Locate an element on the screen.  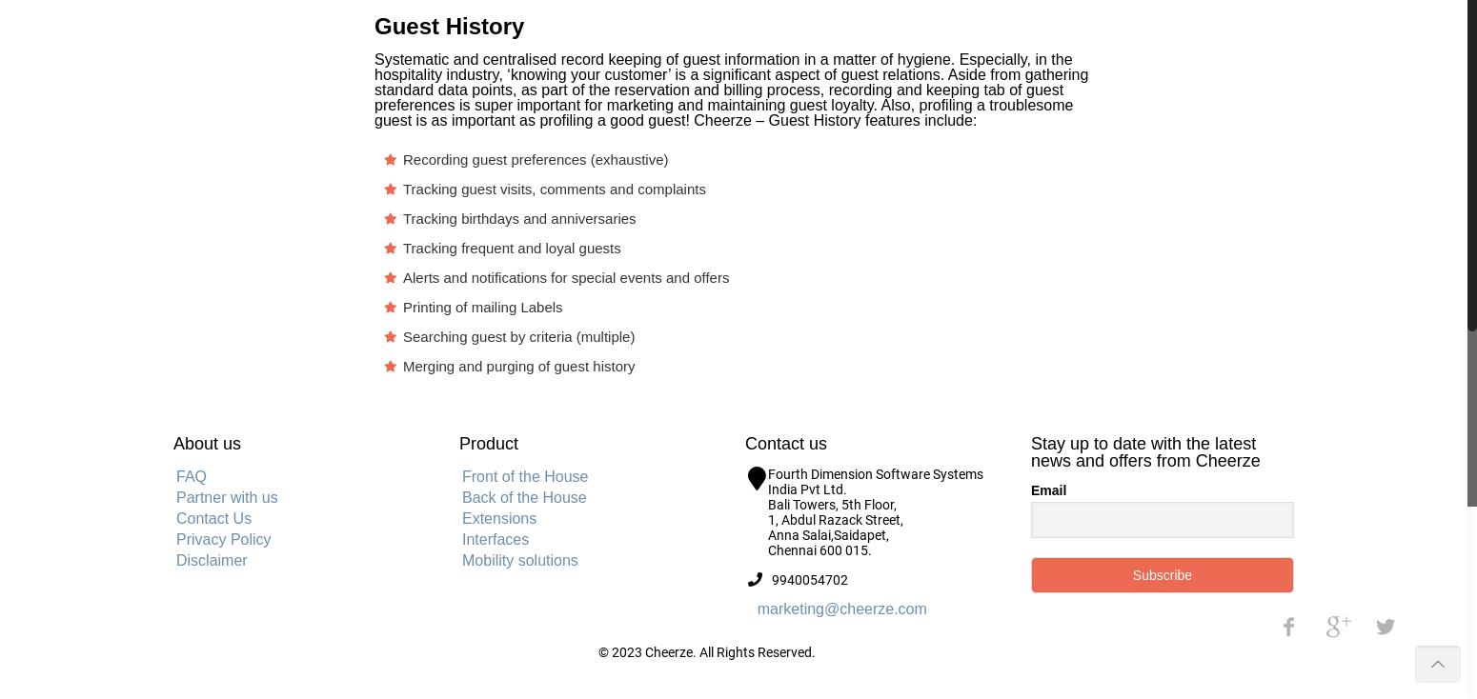
'1, Abdul Razack Street,' is located at coordinates (766, 519).